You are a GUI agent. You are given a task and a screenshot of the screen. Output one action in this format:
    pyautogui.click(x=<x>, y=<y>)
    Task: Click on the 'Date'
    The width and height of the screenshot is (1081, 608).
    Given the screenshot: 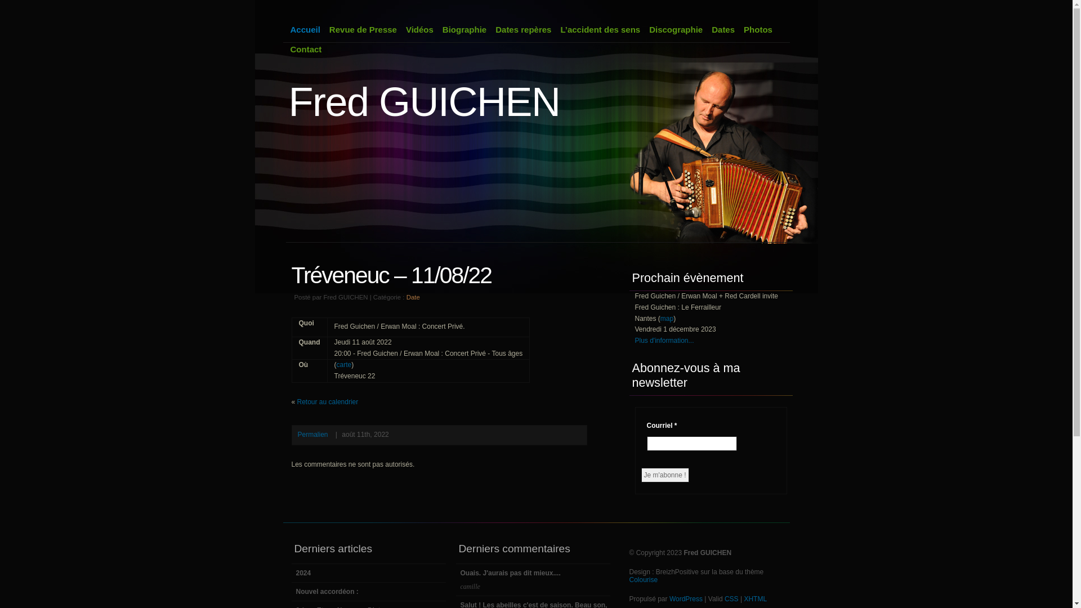 What is the action you would take?
    pyautogui.click(x=413, y=297)
    